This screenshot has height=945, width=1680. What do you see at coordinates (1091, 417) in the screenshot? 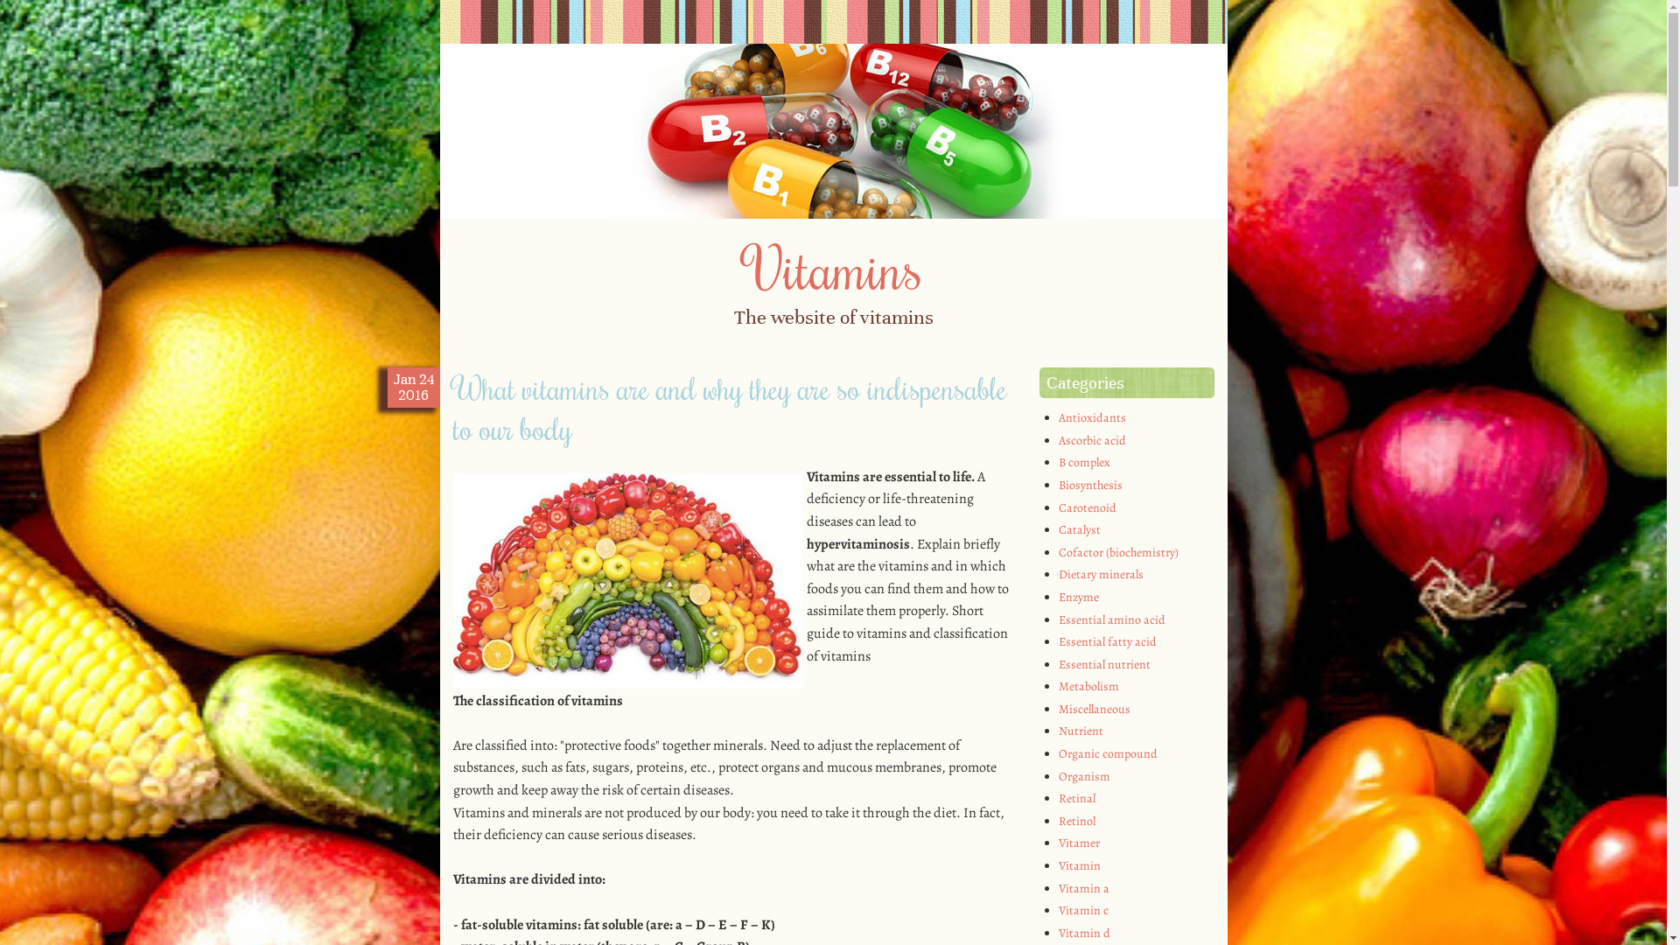
I see `'Antioxidants'` at bounding box center [1091, 417].